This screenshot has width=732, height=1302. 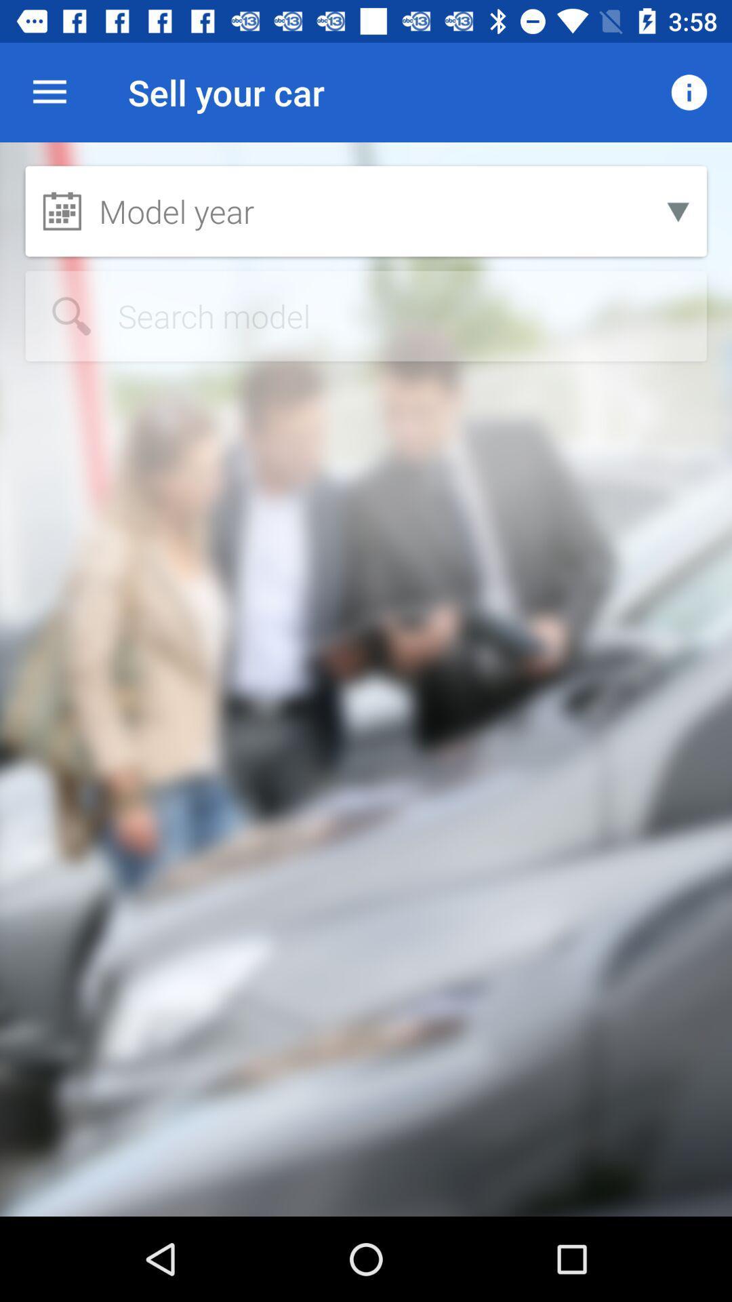 What do you see at coordinates (689, 92) in the screenshot?
I see `icon to the right of sell your car icon` at bounding box center [689, 92].